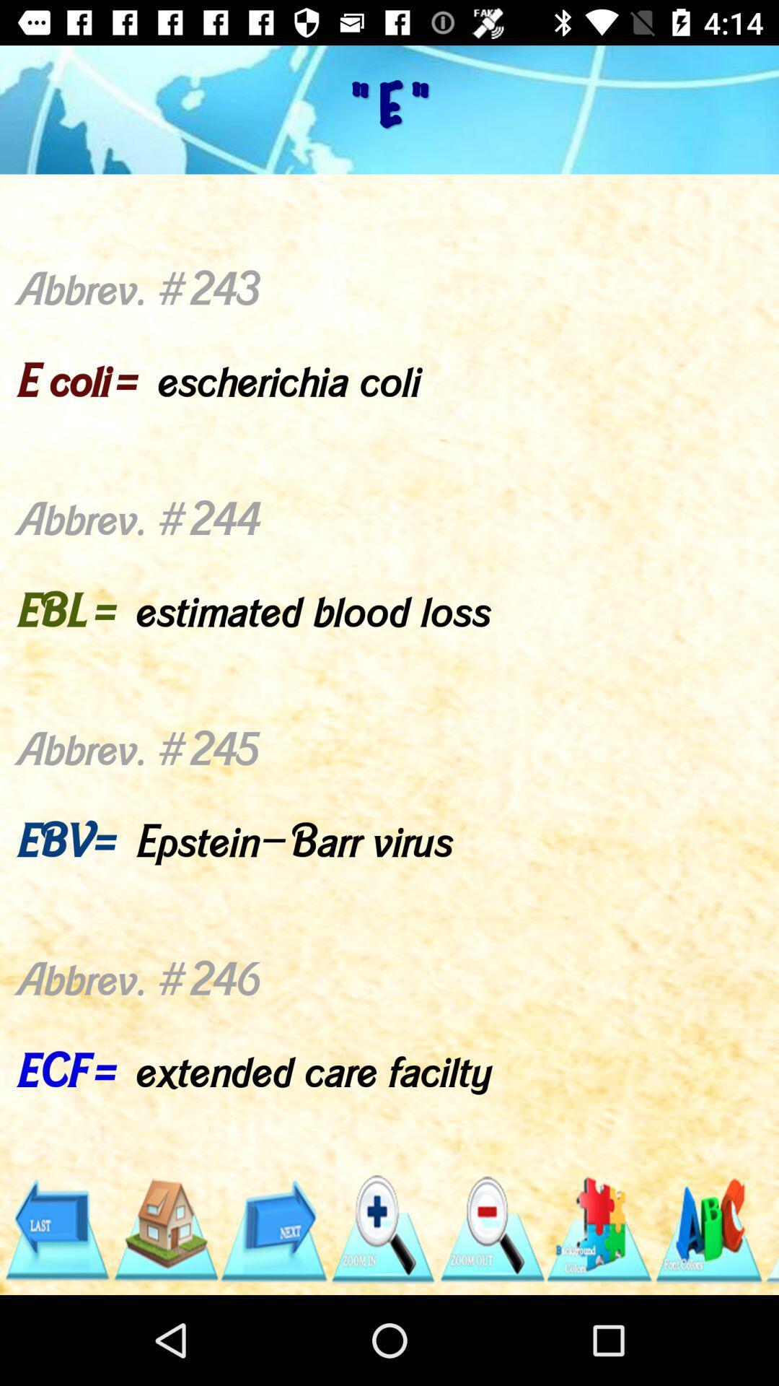 Image resolution: width=779 pixels, height=1386 pixels. Describe the element at coordinates (164, 1229) in the screenshot. I see `home page` at that location.